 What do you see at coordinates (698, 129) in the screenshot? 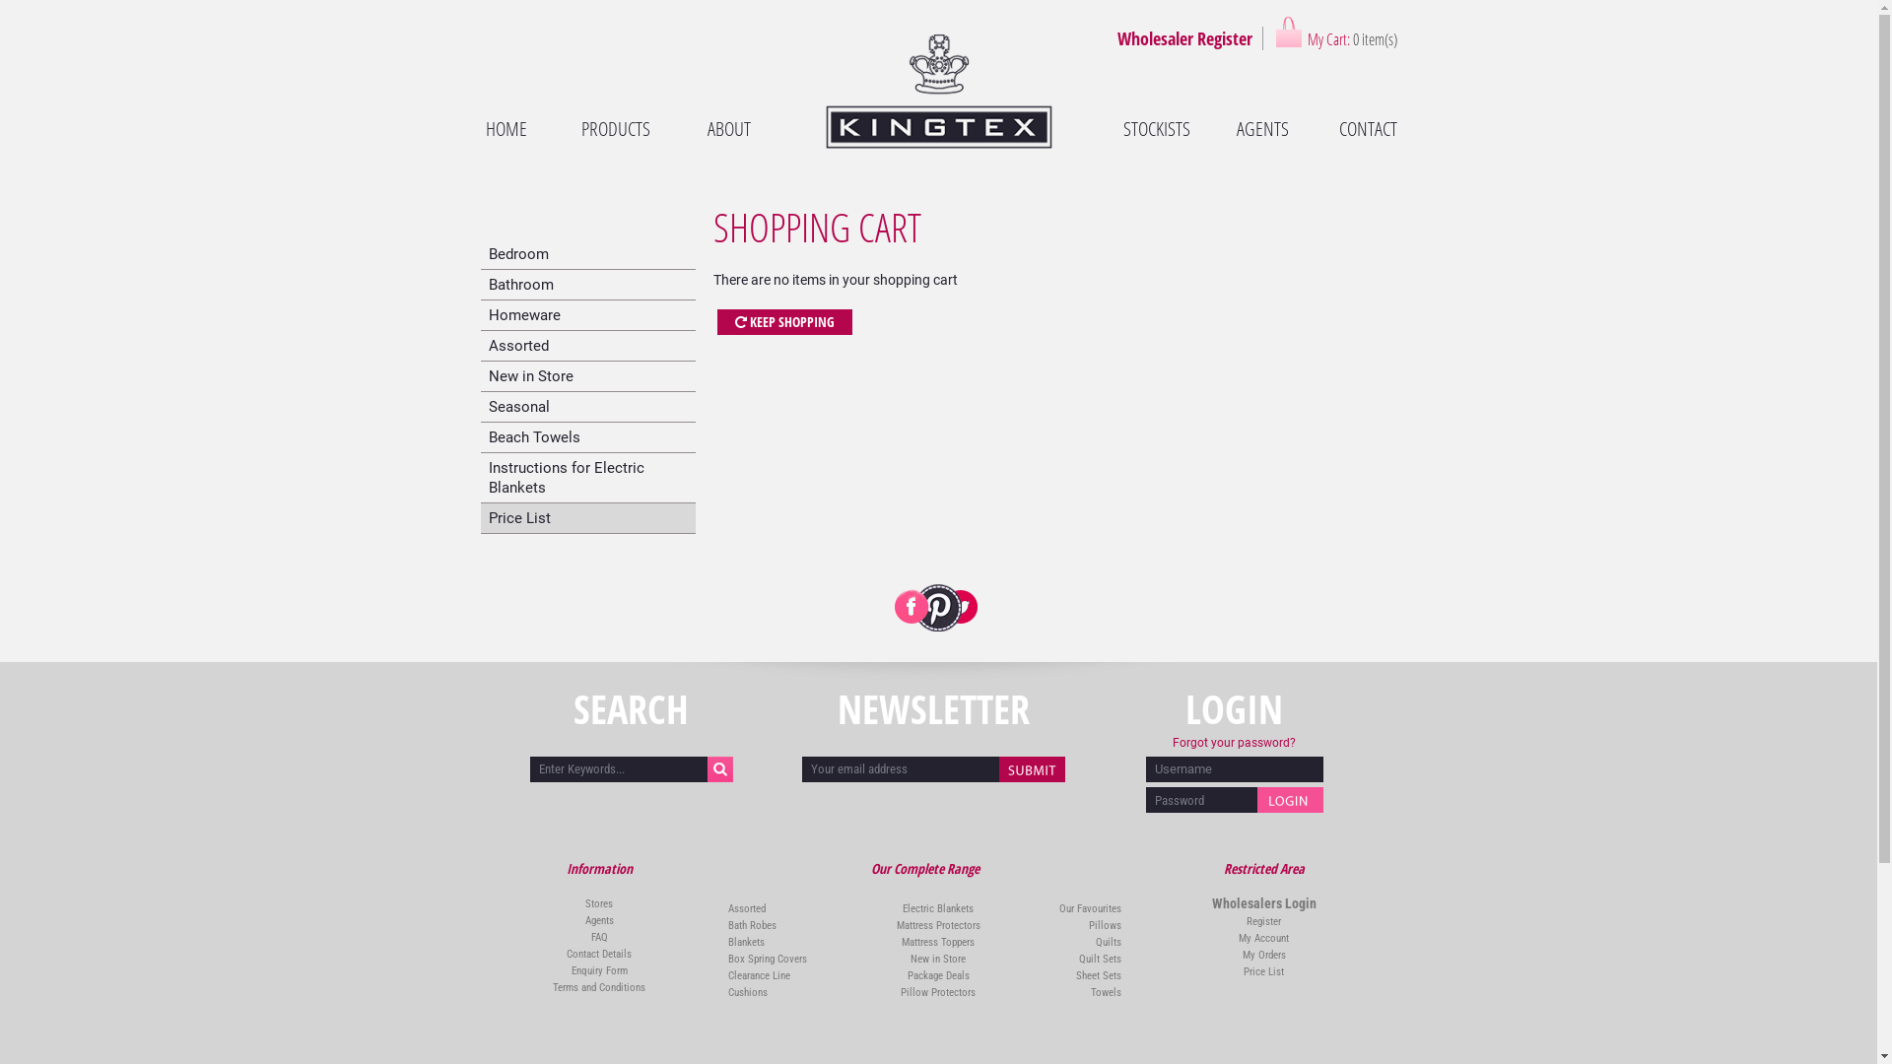
I see `'ABOUT'` at bounding box center [698, 129].